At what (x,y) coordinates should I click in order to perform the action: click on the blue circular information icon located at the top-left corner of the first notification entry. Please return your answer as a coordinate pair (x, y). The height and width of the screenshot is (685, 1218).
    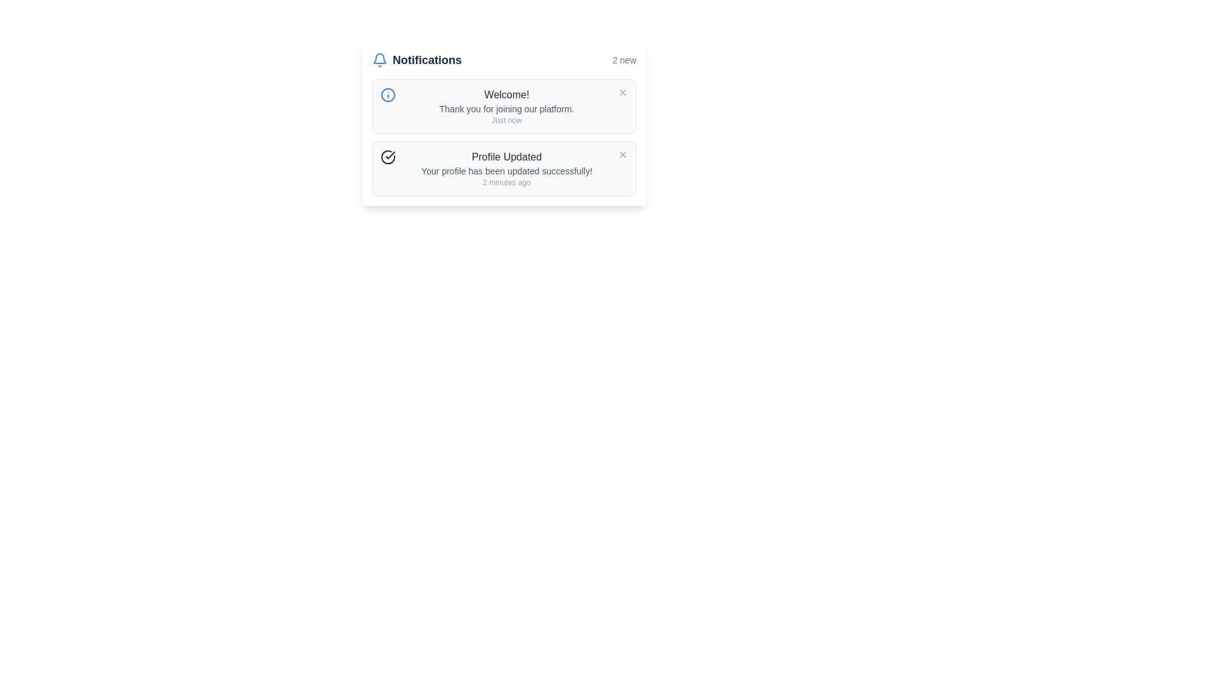
    Looking at the image, I should click on (387, 95).